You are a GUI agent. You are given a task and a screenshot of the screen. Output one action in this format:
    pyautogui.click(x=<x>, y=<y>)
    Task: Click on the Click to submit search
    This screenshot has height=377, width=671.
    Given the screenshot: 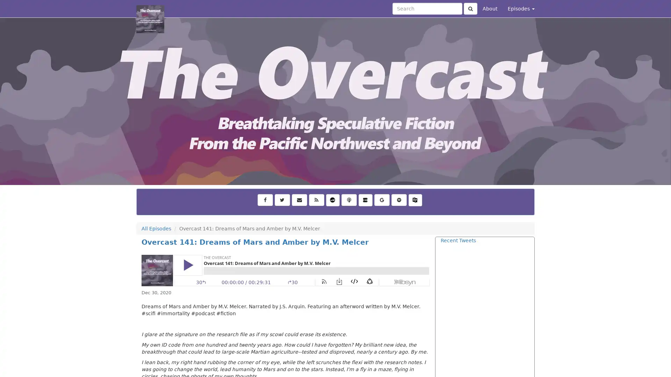 What is the action you would take?
    pyautogui.click(x=470, y=8)
    